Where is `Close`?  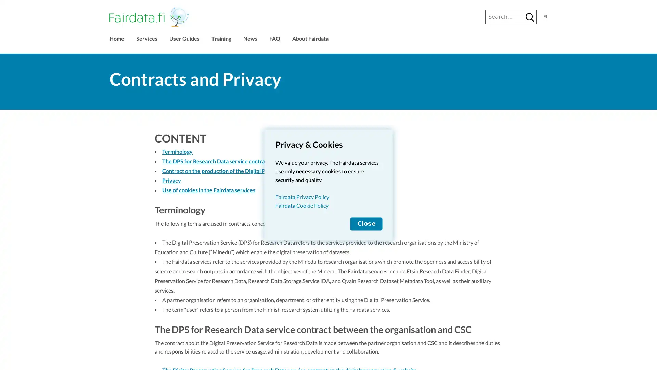
Close is located at coordinates (366, 223).